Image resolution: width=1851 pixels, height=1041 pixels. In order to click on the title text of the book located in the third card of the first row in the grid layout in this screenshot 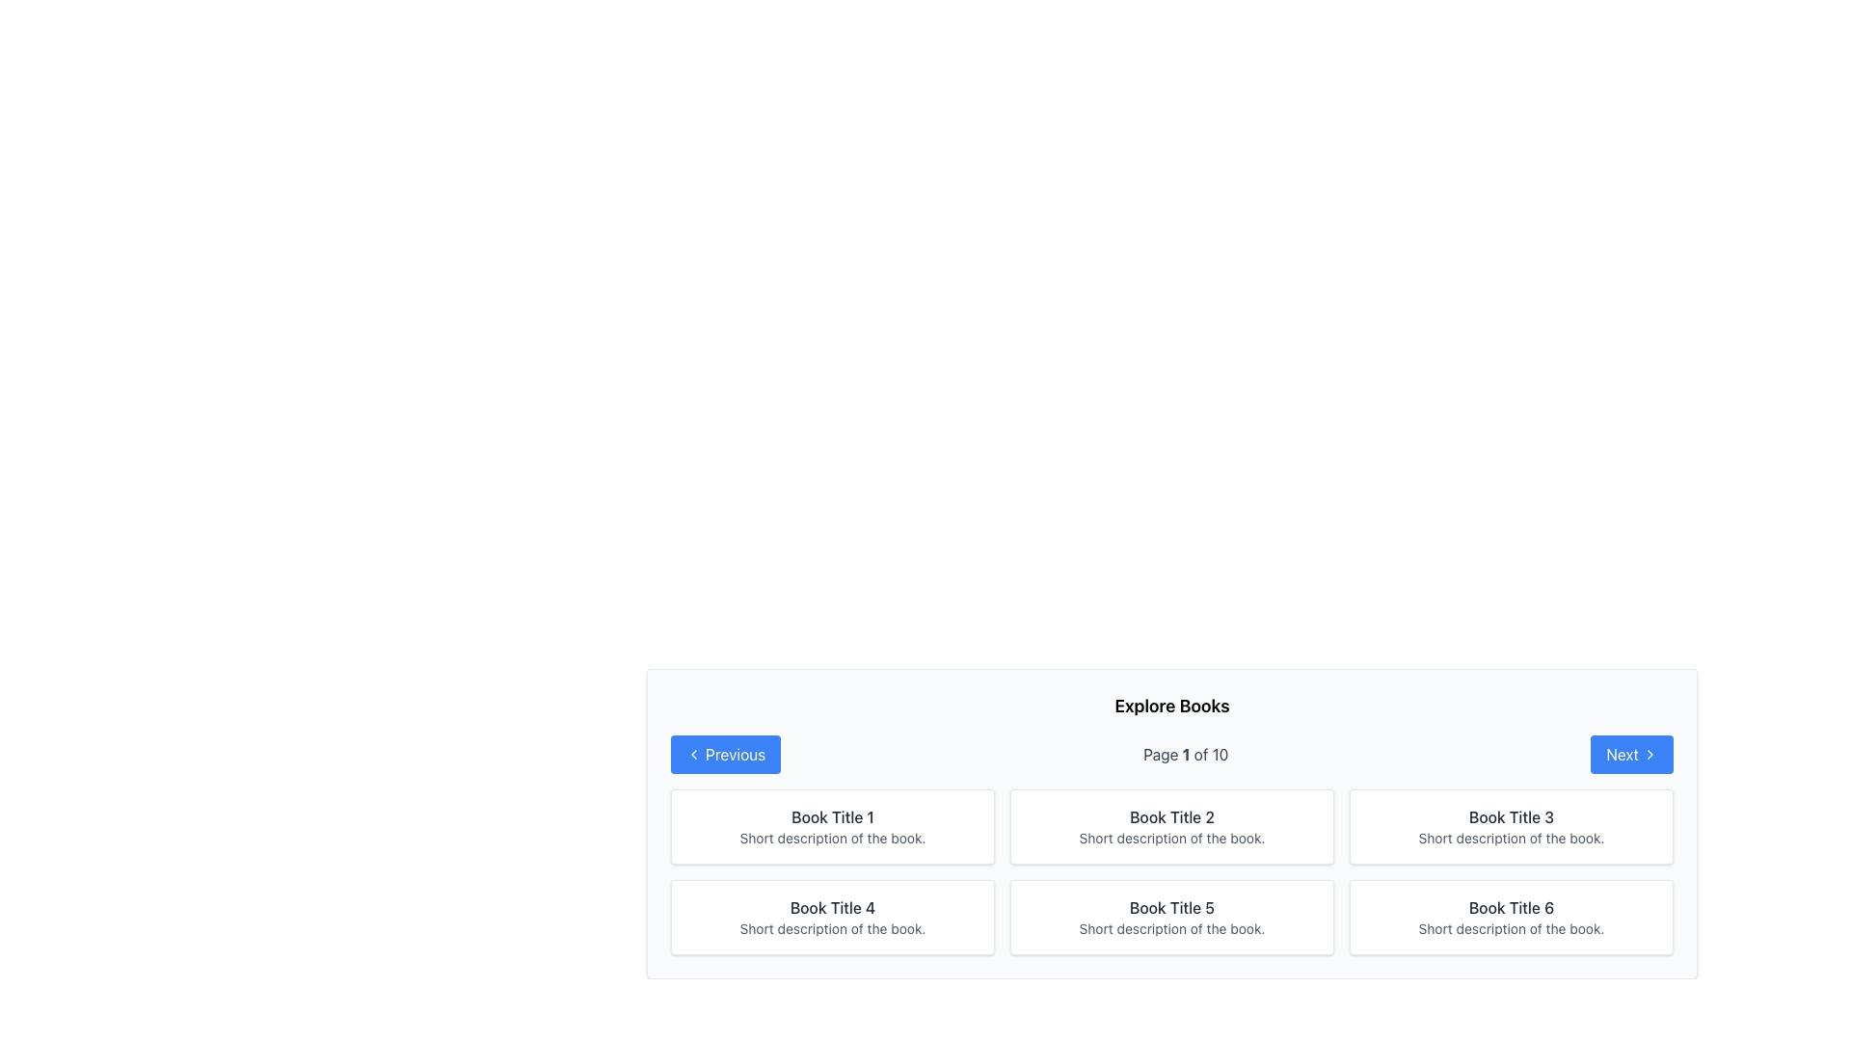, I will do `click(1511, 817)`.